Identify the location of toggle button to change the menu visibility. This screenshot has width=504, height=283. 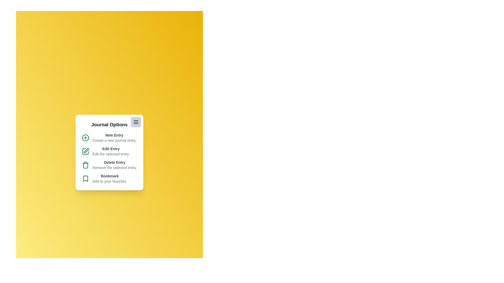
(136, 122).